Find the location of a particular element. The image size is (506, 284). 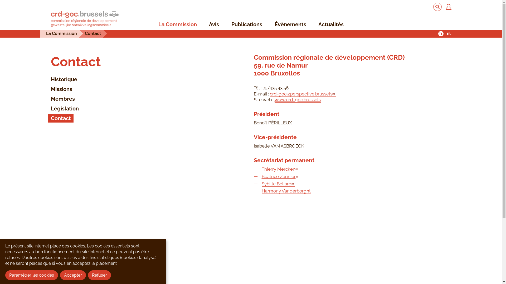

'Contact' is located at coordinates (61, 118).